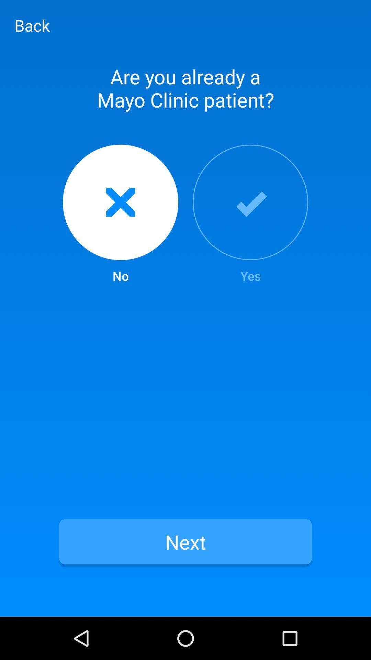 Image resolution: width=371 pixels, height=660 pixels. I want to click on the item above next, so click(120, 214).